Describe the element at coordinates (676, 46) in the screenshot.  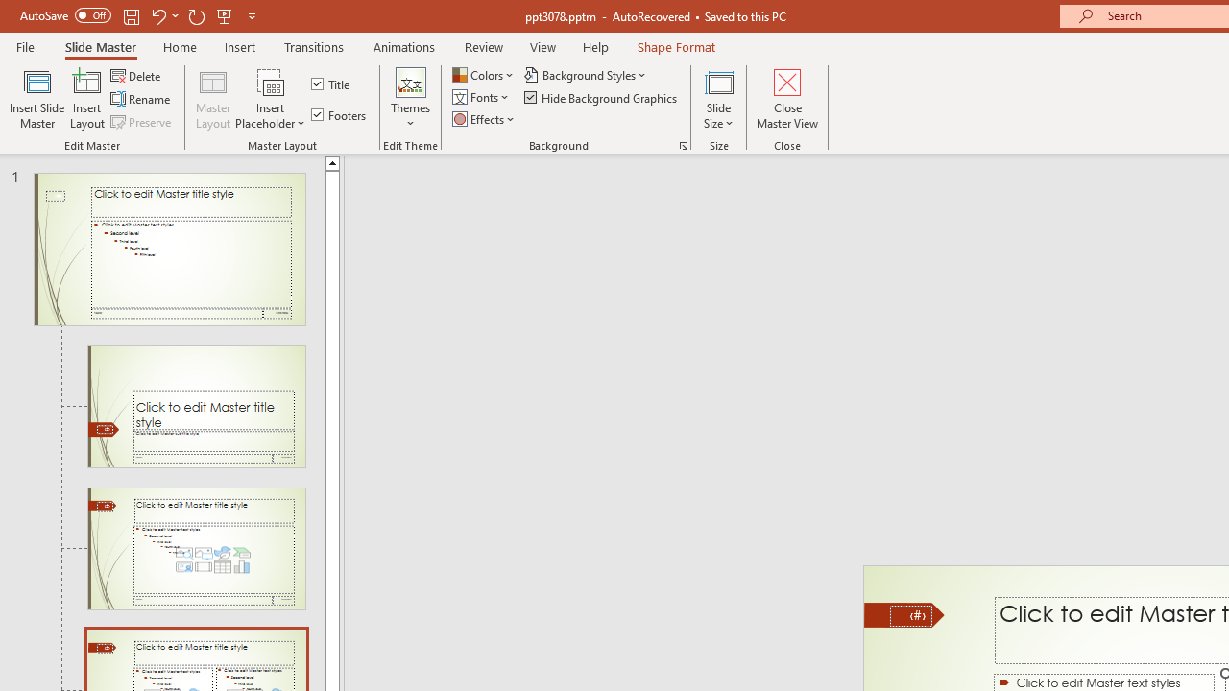
I see `'Shape Format'` at that location.